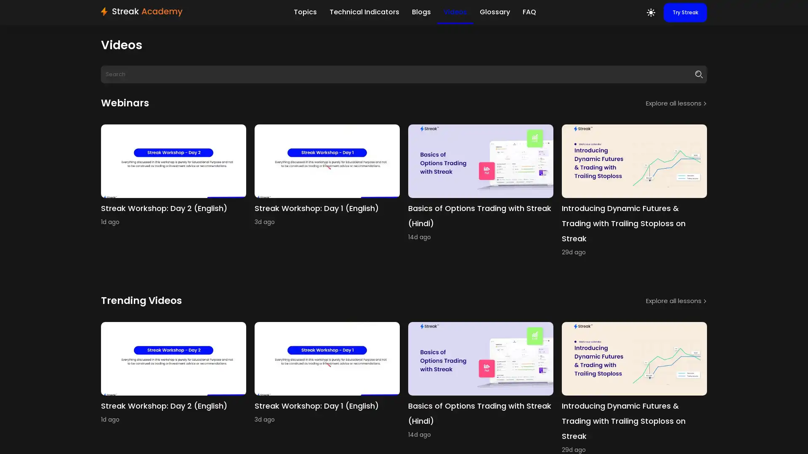 This screenshot has width=808, height=454. Describe the element at coordinates (481, 191) in the screenshot. I see `youtube Basics of Options Trading with Streak (Hindi) 14d ago` at that location.